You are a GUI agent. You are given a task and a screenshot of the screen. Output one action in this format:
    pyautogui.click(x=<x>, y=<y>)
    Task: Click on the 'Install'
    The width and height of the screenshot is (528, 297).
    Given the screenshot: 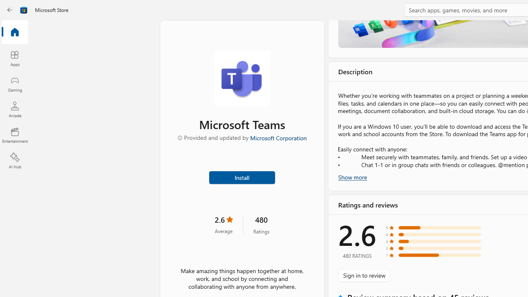 What is the action you would take?
    pyautogui.click(x=241, y=177)
    